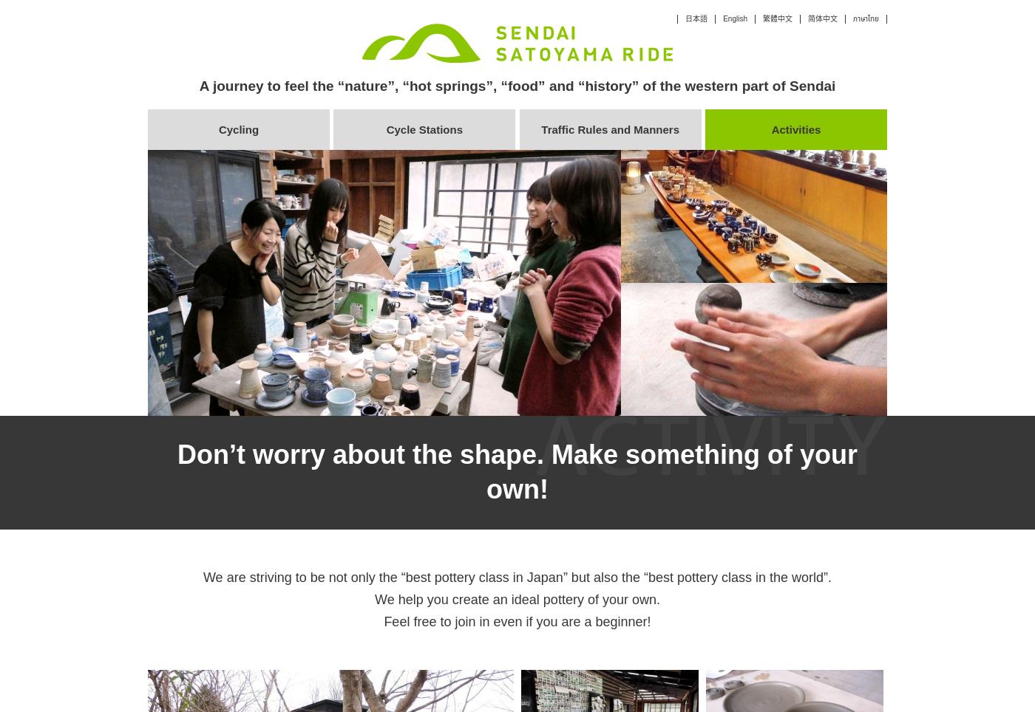  Describe the element at coordinates (517, 85) in the screenshot. I see `'A journey to feel the “nature”, “hot springs”, “food” and “history” of the western part of Sendai'` at that location.